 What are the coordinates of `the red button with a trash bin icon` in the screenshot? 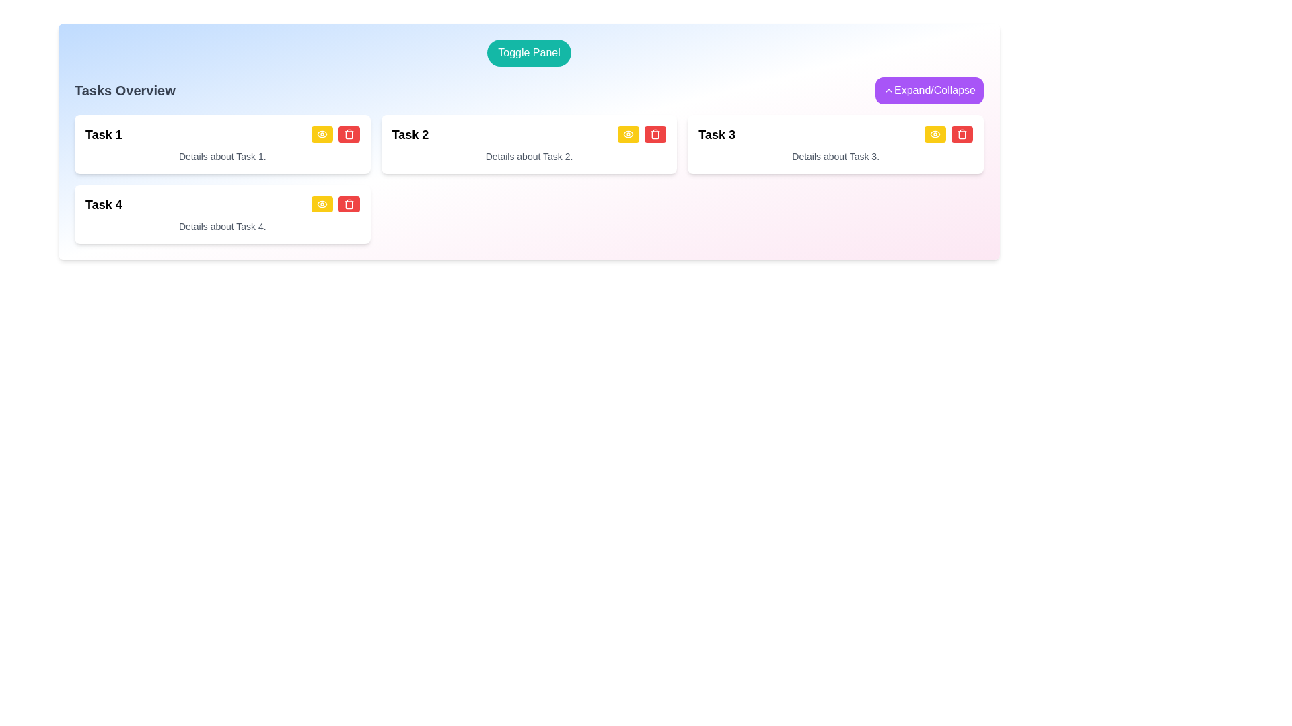 It's located at (962, 134).